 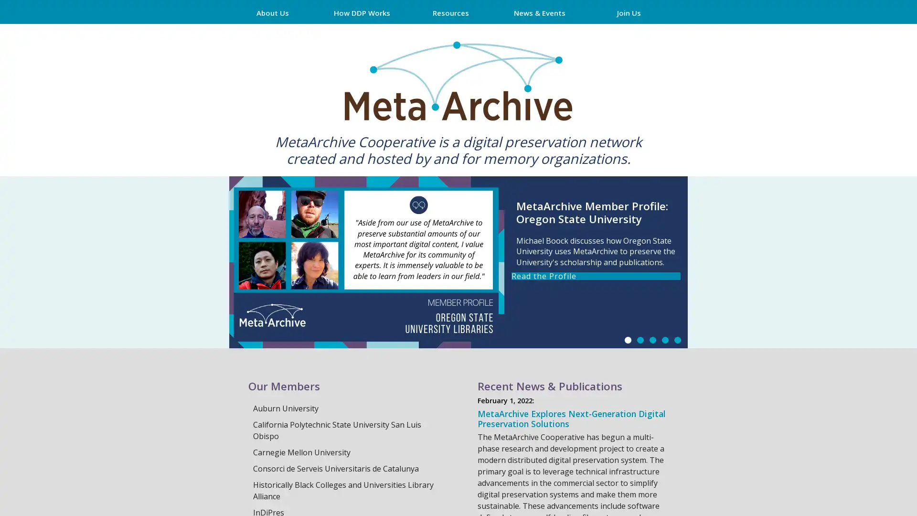 I want to click on Go to slide 3, so click(x=652, y=340).